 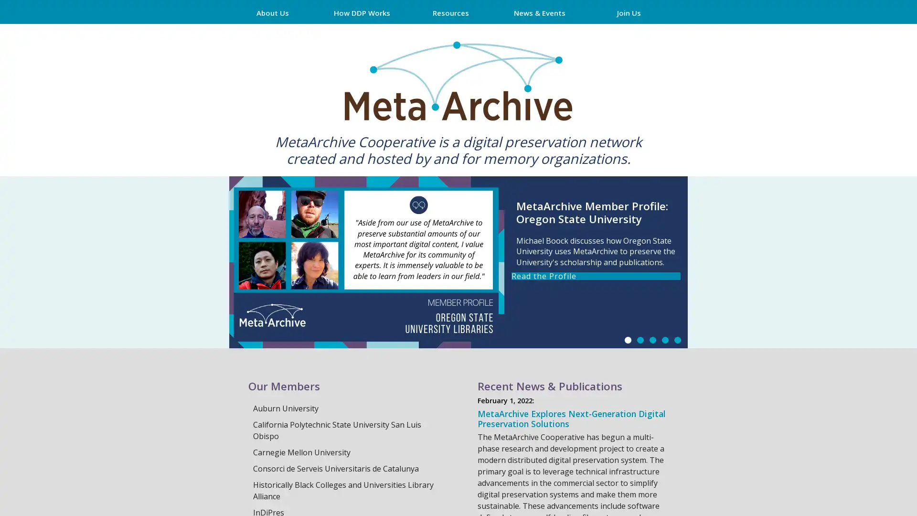 I want to click on Go to slide 3, so click(x=652, y=340).